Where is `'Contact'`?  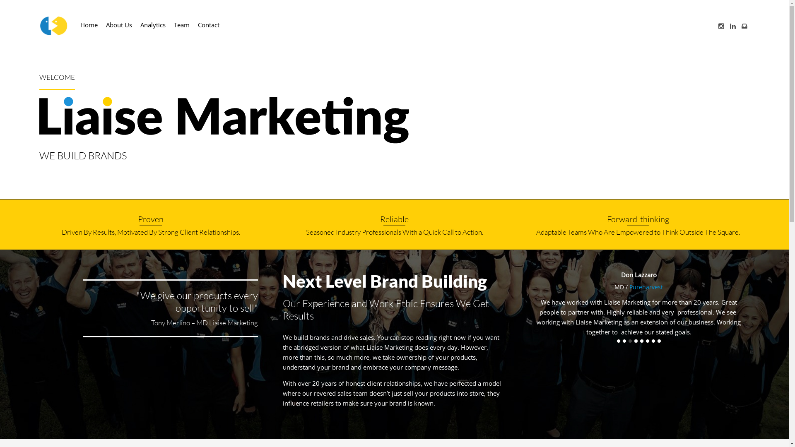 'Contact' is located at coordinates (209, 24).